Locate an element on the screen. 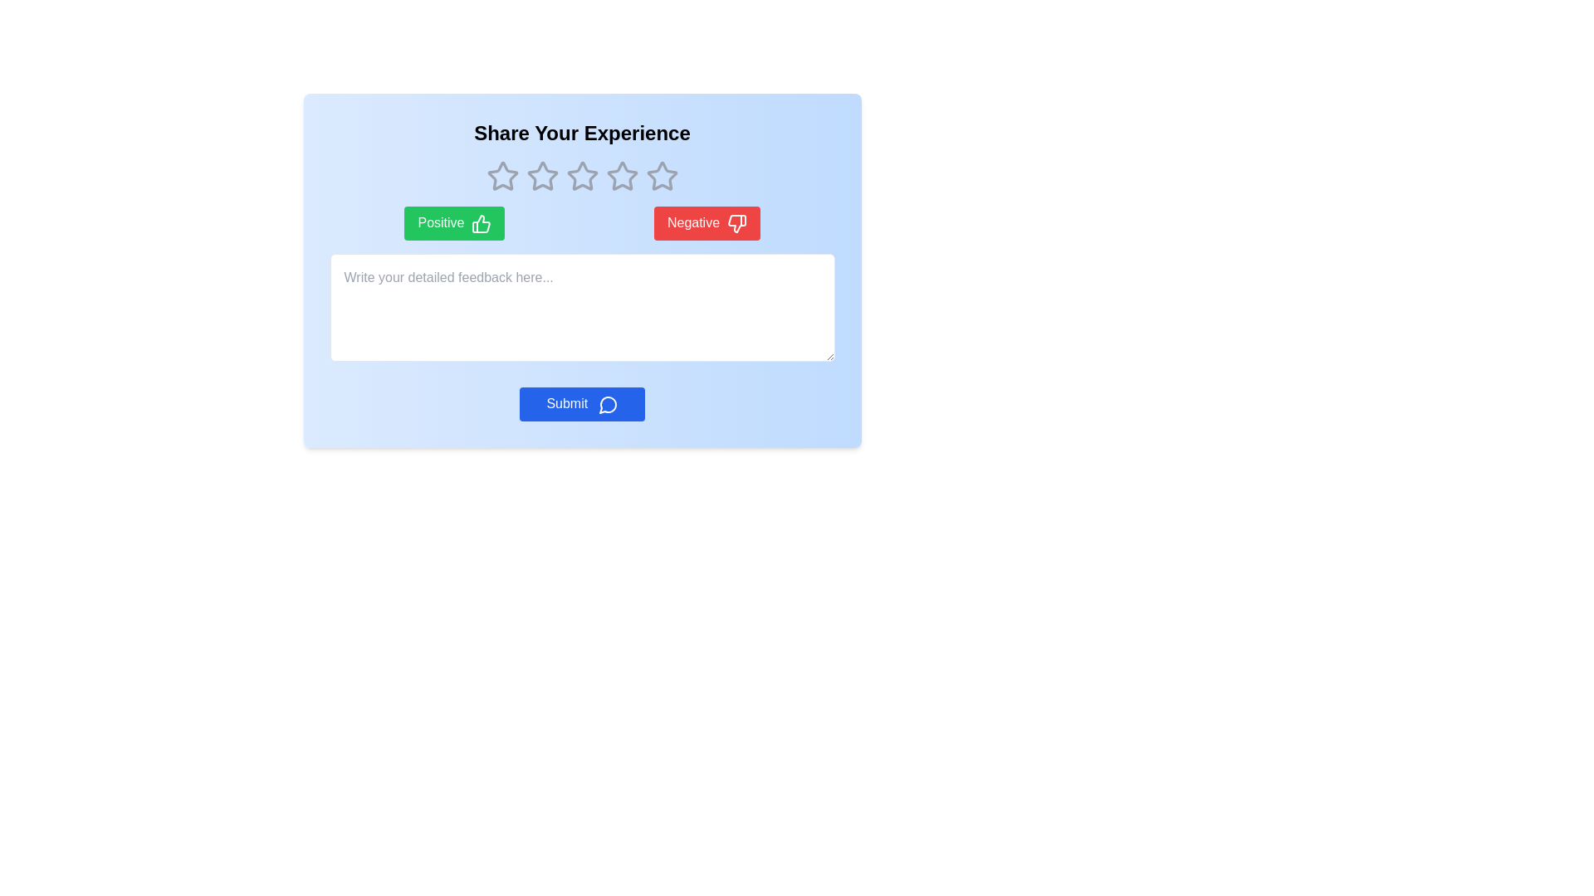  the negative feedback button located below the star icons and to the right of the positive button to register a negative response is located at coordinates (707, 222).